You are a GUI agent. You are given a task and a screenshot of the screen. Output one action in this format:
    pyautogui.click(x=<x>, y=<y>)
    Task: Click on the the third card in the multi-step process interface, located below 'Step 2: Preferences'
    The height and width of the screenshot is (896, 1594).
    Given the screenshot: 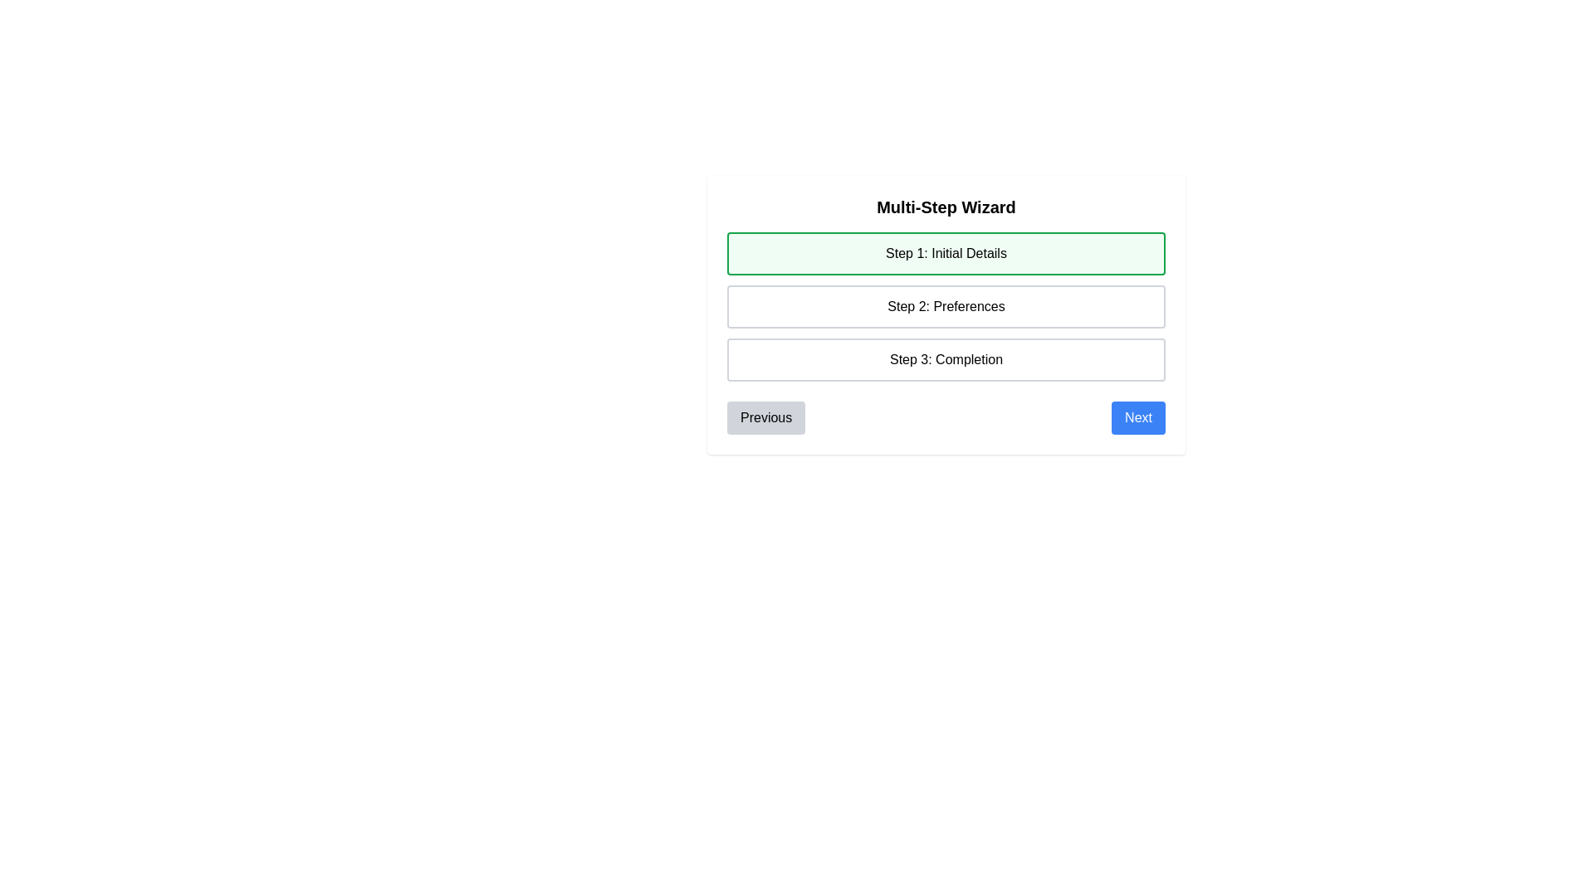 What is the action you would take?
    pyautogui.click(x=946, y=359)
    